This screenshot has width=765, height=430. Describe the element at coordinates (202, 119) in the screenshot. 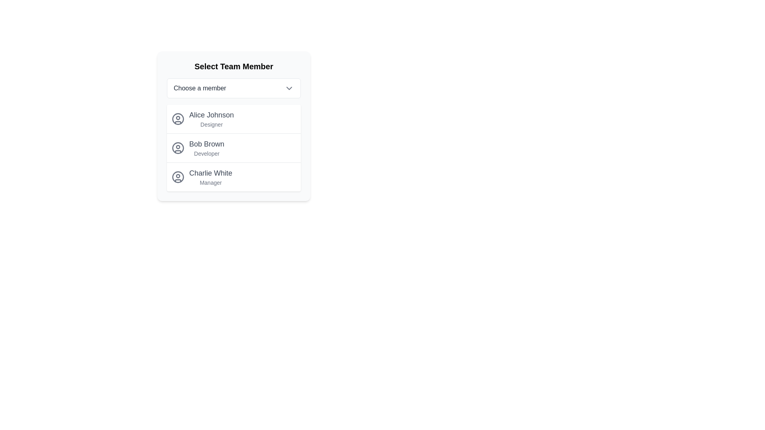

I see `the list item displaying 'Alice Johnson' and 'Designer' for additional actions or highlighting` at that location.